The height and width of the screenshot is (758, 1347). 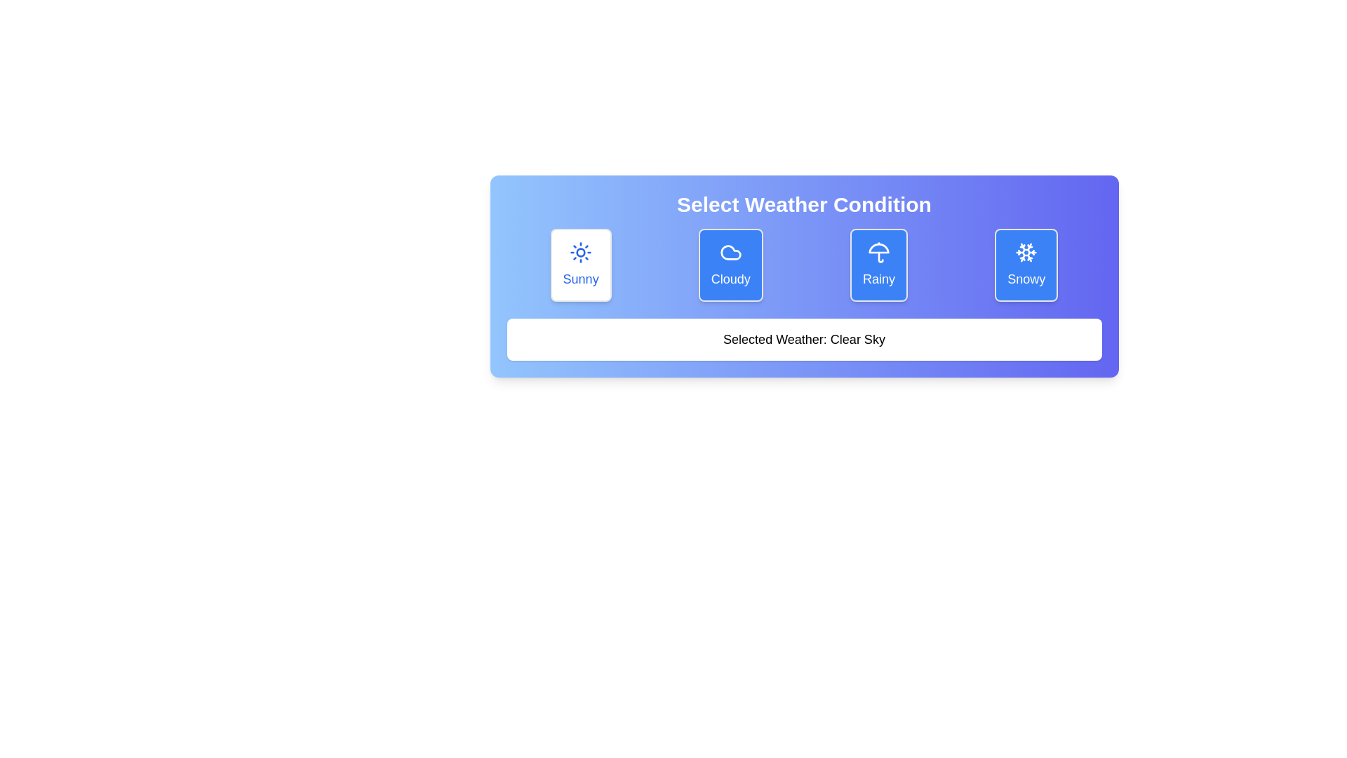 What do you see at coordinates (878, 279) in the screenshot?
I see `the text label displaying the word 'Rainy', which is located at the bottom-center of the 'Rainy' weather option card` at bounding box center [878, 279].